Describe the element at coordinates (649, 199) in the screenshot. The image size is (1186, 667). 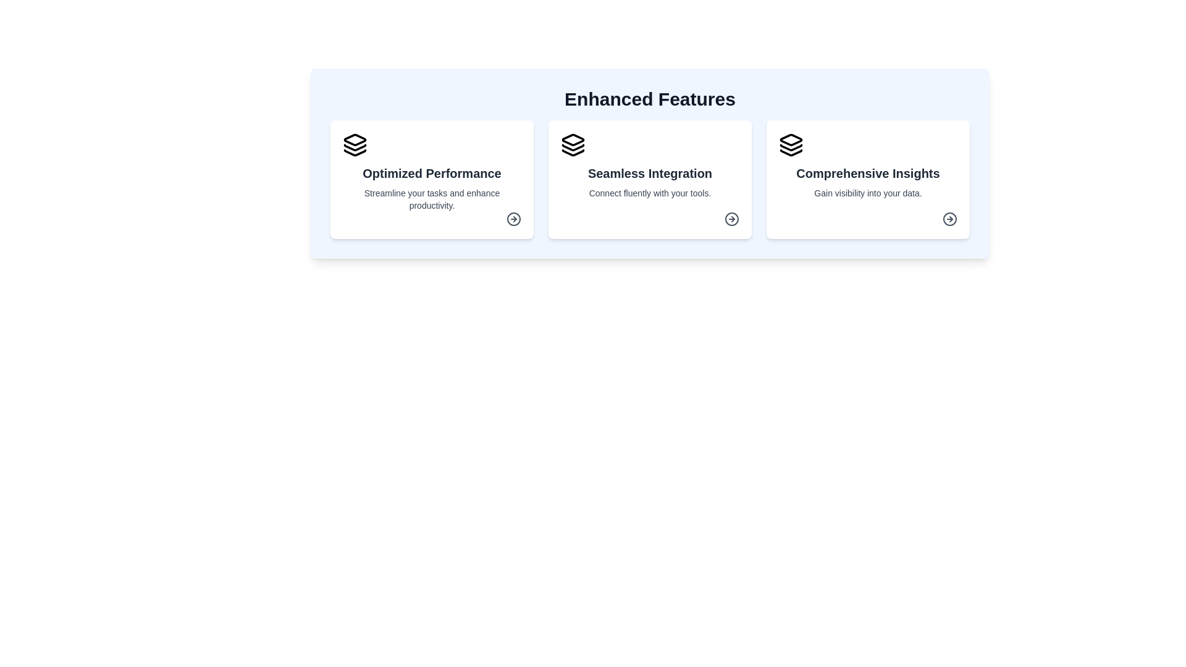
I see `the informational text block that provides details related to the 'Seamless Integration' feature, located below the header text within the second card` at that location.